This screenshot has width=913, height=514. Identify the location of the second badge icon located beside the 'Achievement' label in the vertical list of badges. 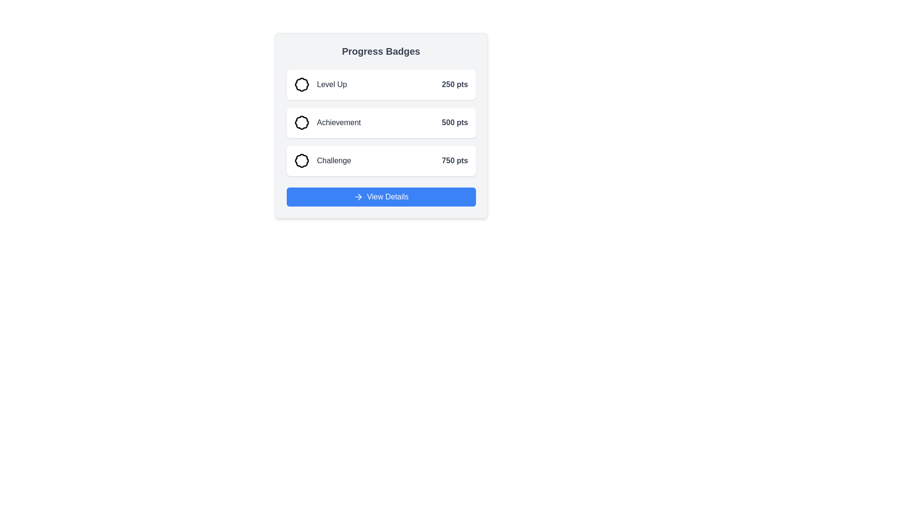
(301, 122).